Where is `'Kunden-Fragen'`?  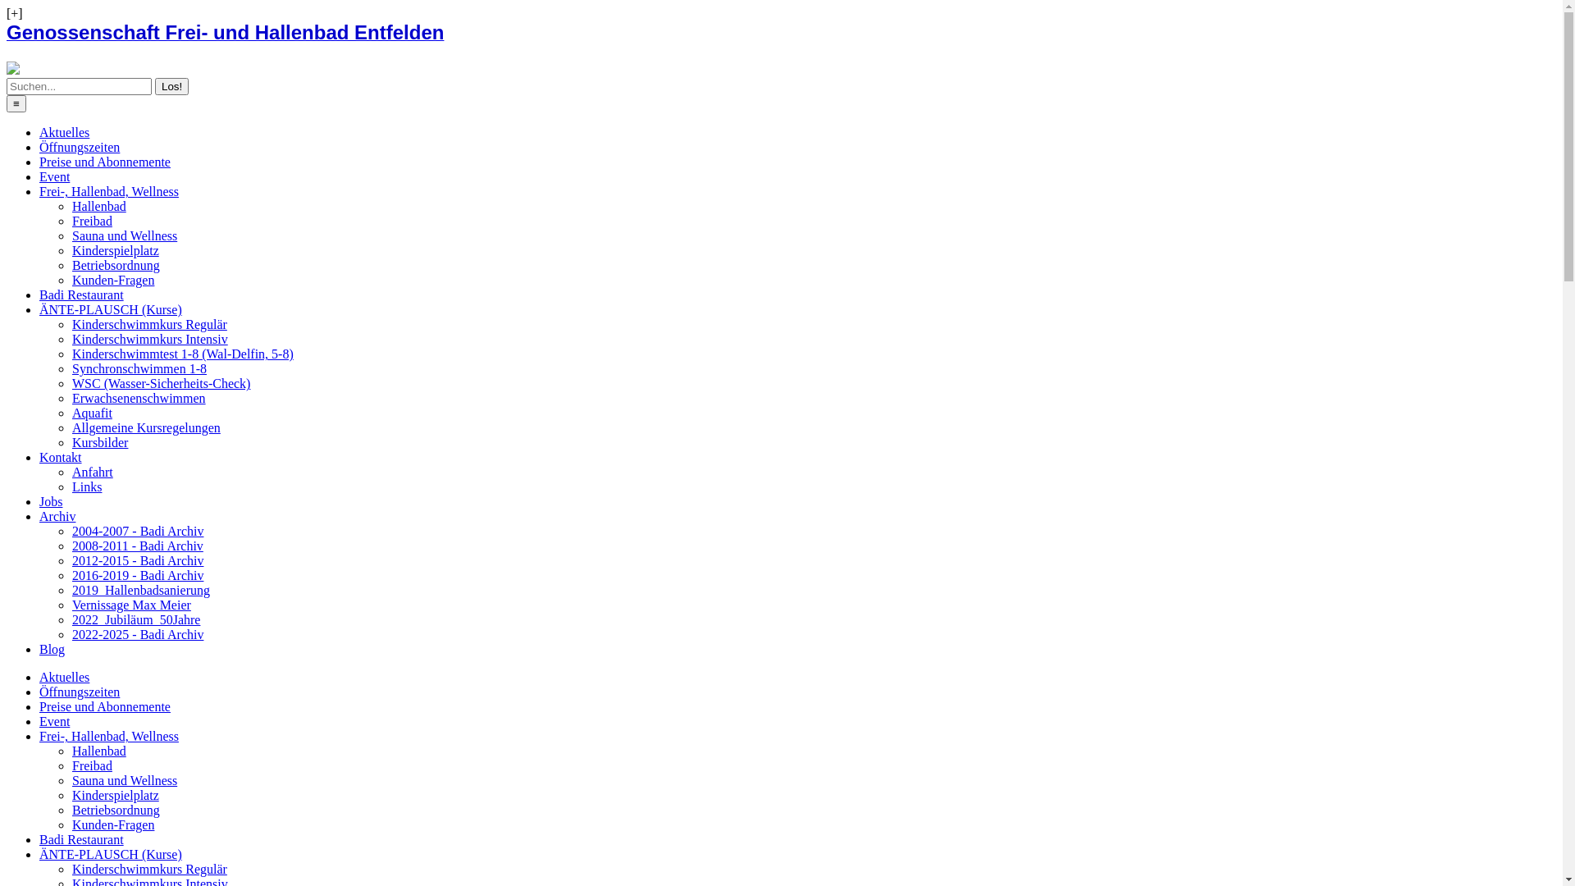
'Kunden-Fragen' is located at coordinates (112, 824).